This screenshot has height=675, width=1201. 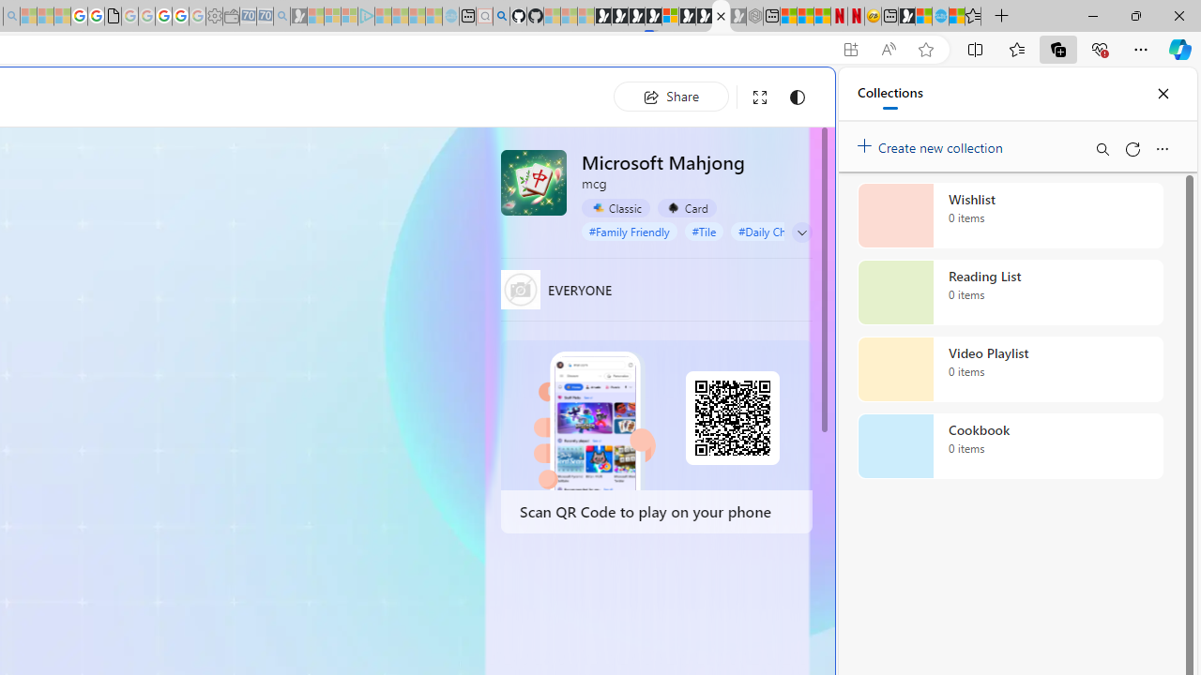 What do you see at coordinates (391, 248) in the screenshot?
I see `'Frequently visited'` at bounding box center [391, 248].